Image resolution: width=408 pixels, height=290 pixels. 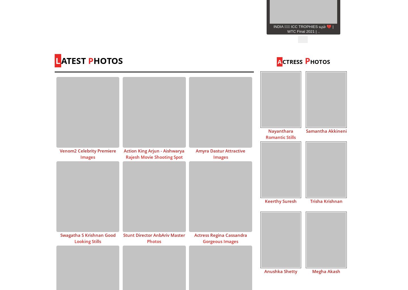 What do you see at coordinates (303, 107) in the screenshot?
I see `'Thalapathy 66 Massive Update 🤩 | Vijay | #Nettv4u'` at bounding box center [303, 107].